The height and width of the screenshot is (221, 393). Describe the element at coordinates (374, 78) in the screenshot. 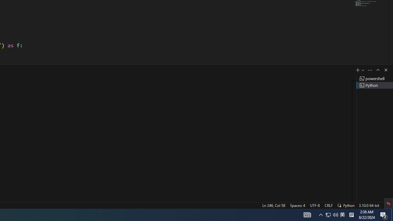

I see `'Terminal 1 powershell'` at that location.